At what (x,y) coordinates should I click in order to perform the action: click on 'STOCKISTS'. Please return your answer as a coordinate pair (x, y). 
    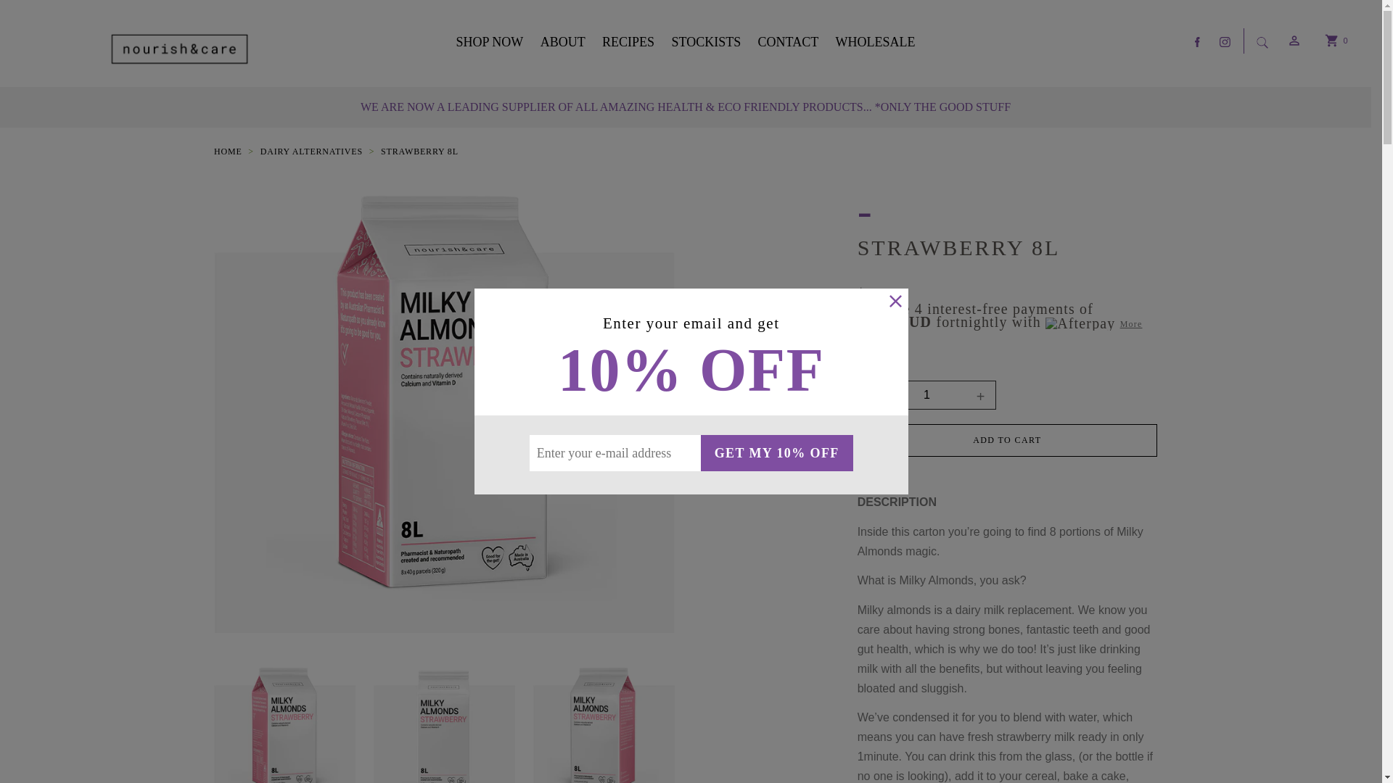
    Looking at the image, I should click on (709, 41).